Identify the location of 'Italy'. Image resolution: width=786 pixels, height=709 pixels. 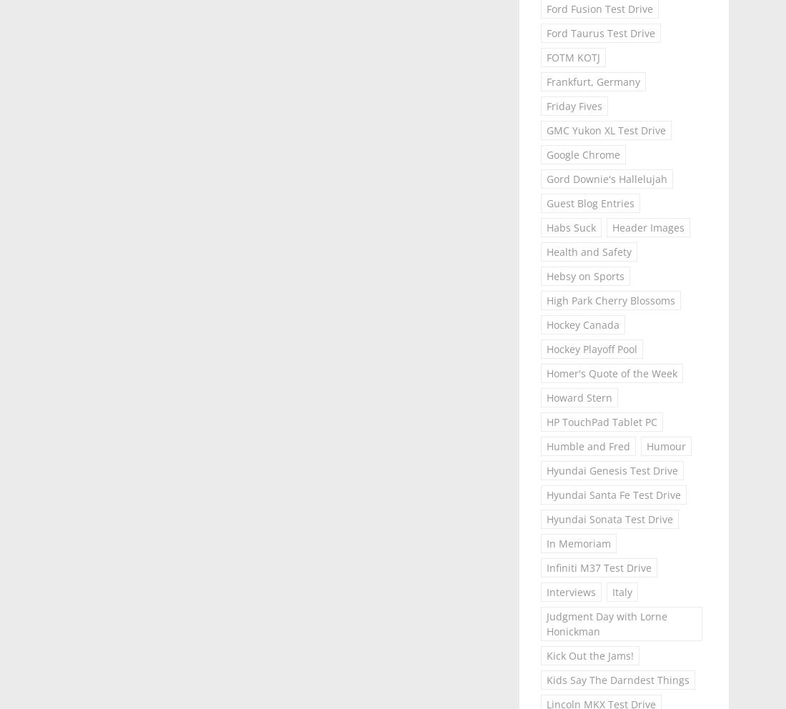
(611, 591).